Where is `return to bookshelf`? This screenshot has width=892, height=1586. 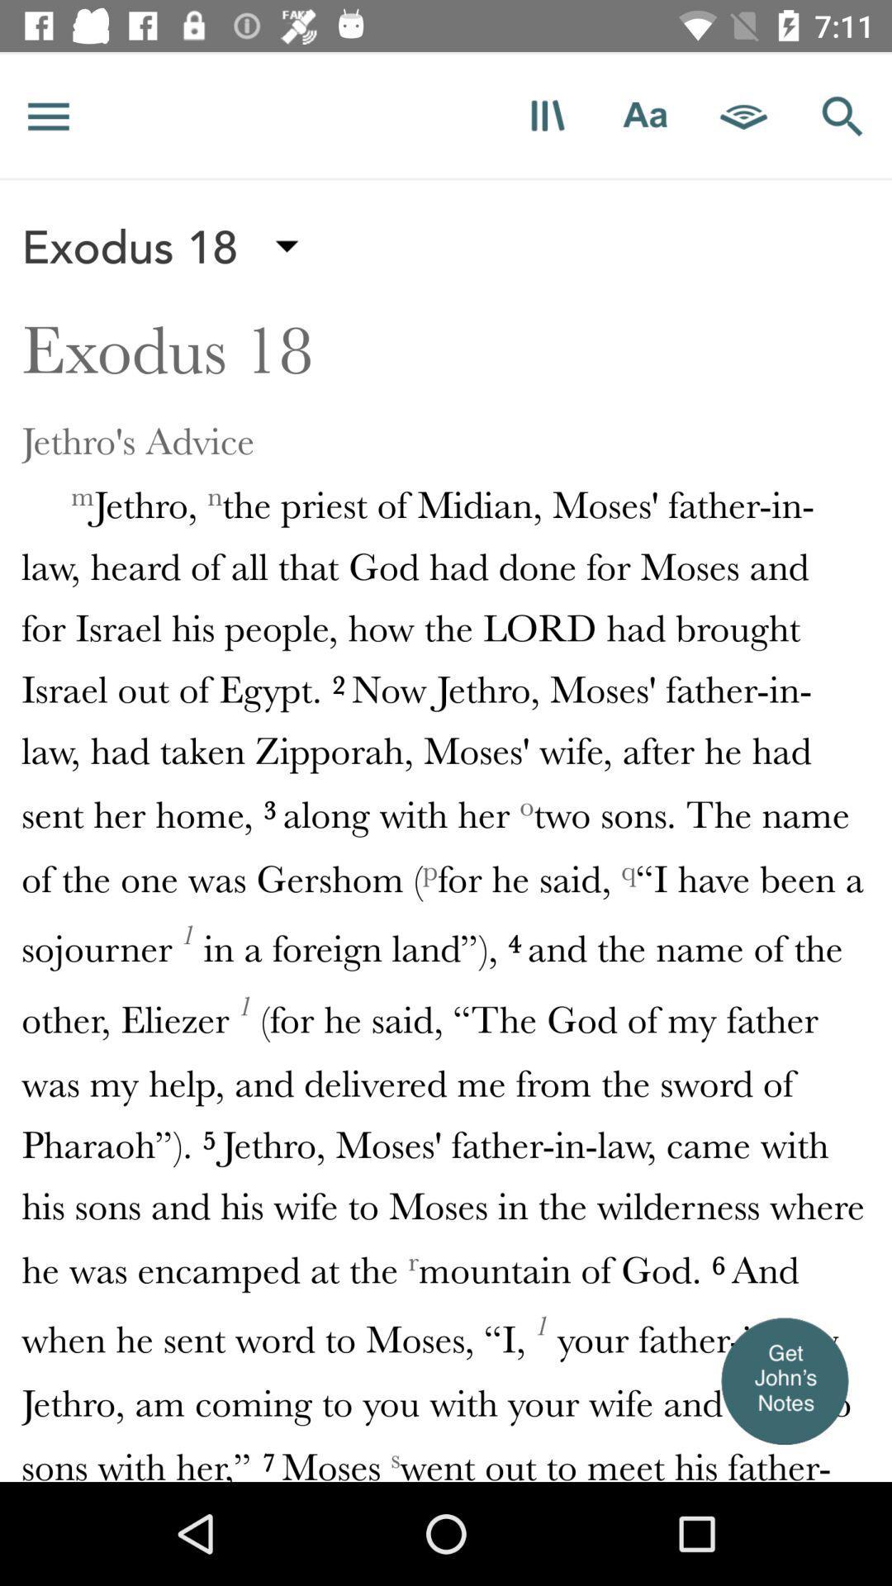 return to bookshelf is located at coordinates (547, 115).